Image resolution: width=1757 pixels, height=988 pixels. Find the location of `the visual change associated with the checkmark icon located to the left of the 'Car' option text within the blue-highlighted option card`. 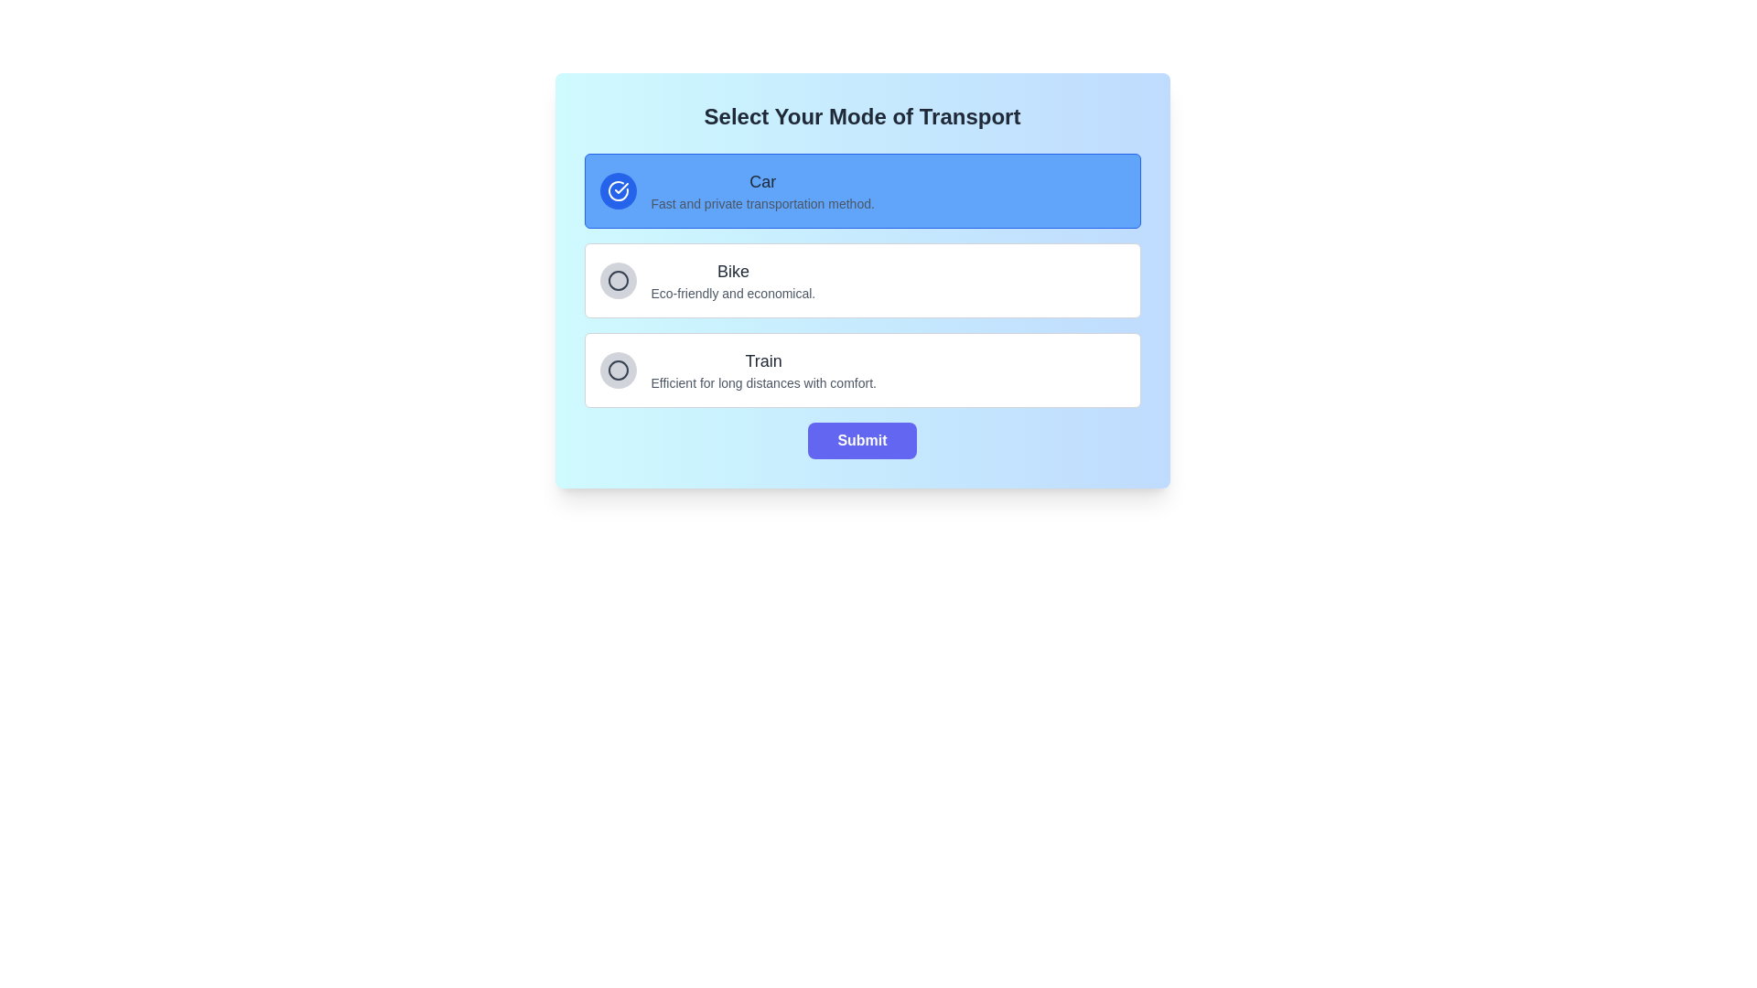

the visual change associated with the checkmark icon located to the left of the 'Car' option text within the blue-highlighted option card is located at coordinates (618, 190).